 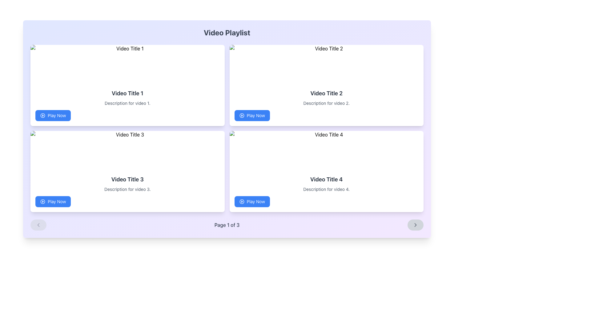 I want to click on the image thumbnail for 'Video Title 3', so click(x=127, y=150).